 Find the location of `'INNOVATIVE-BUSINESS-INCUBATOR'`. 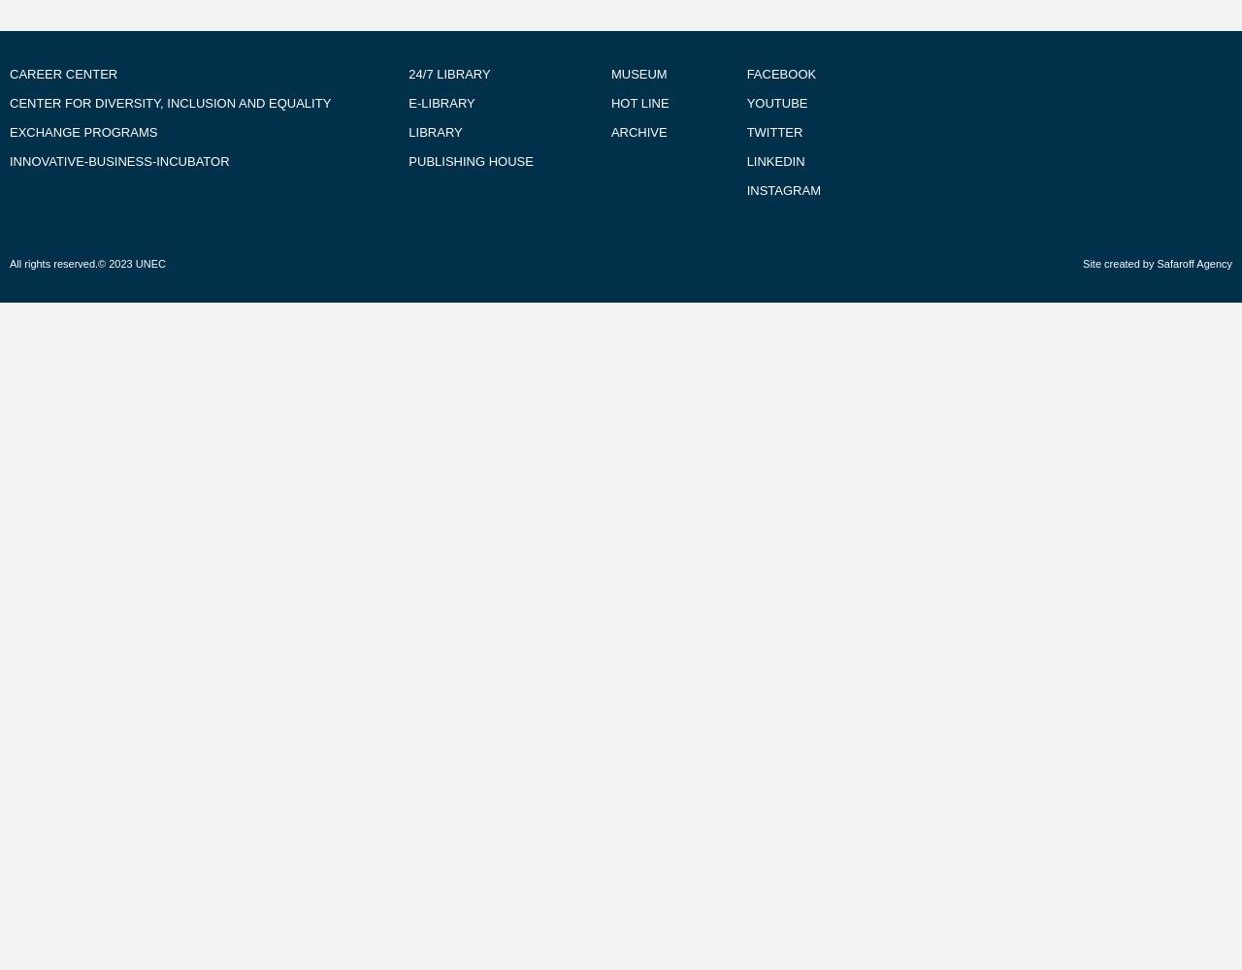

'INNOVATIVE-BUSINESS-INCUBATOR' is located at coordinates (118, 161).